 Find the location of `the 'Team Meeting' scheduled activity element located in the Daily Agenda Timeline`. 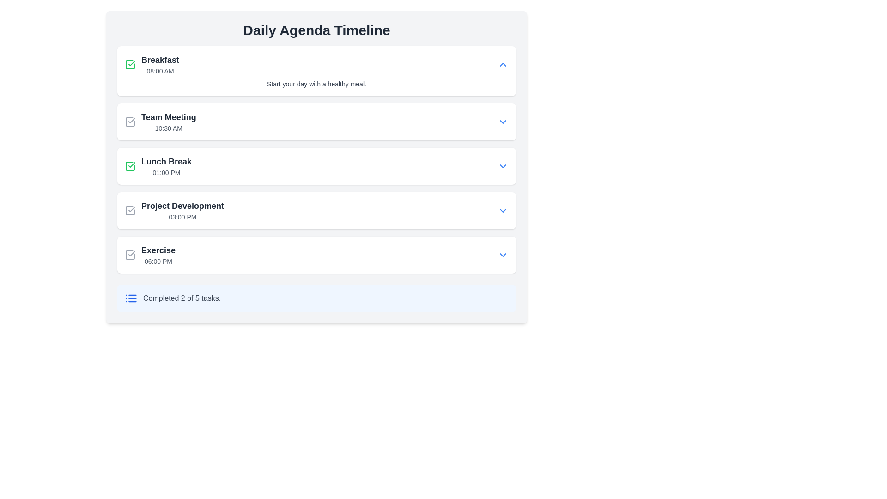

the 'Team Meeting' scheduled activity element located in the Daily Agenda Timeline is located at coordinates (160, 121).